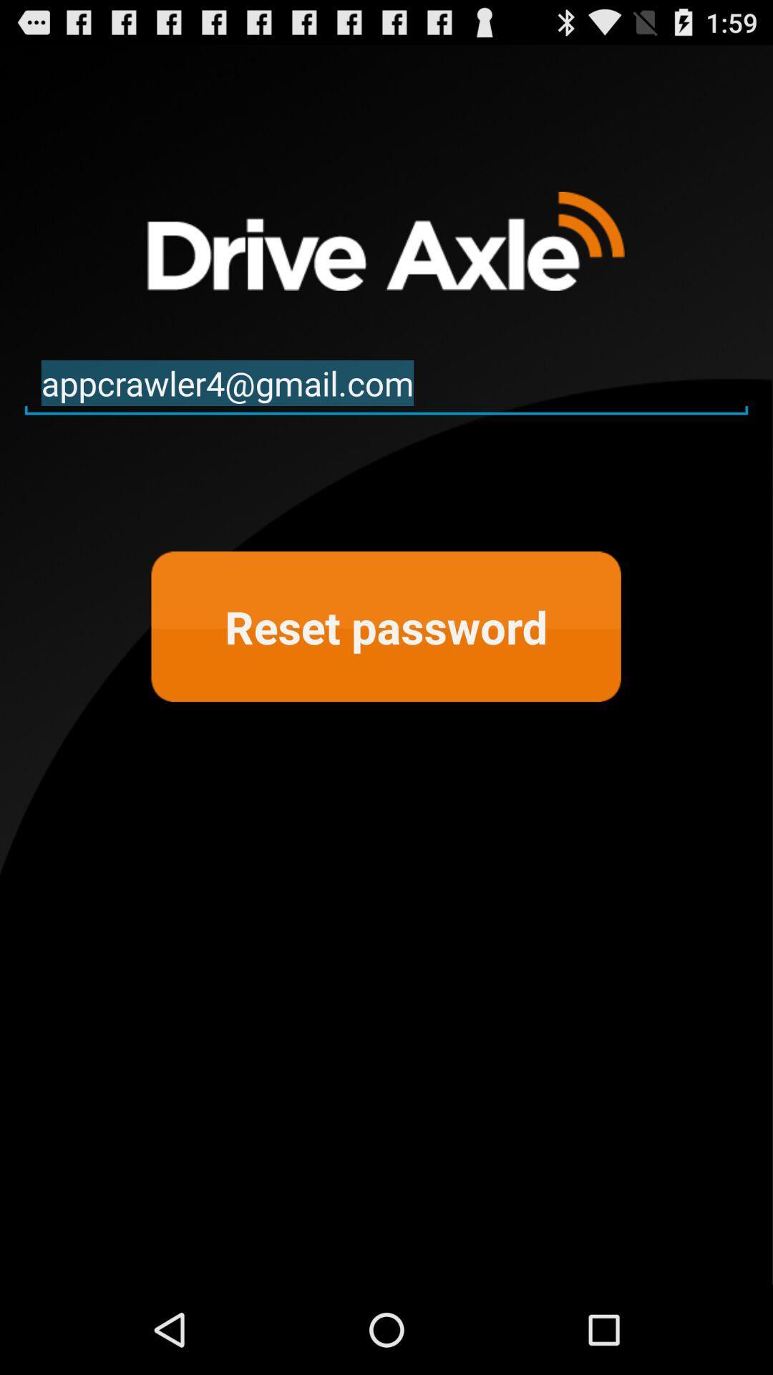 Image resolution: width=773 pixels, height=1375 pixels. I want to click on the icon below appcrawler4@gmail.com icon, so click(385, 627).